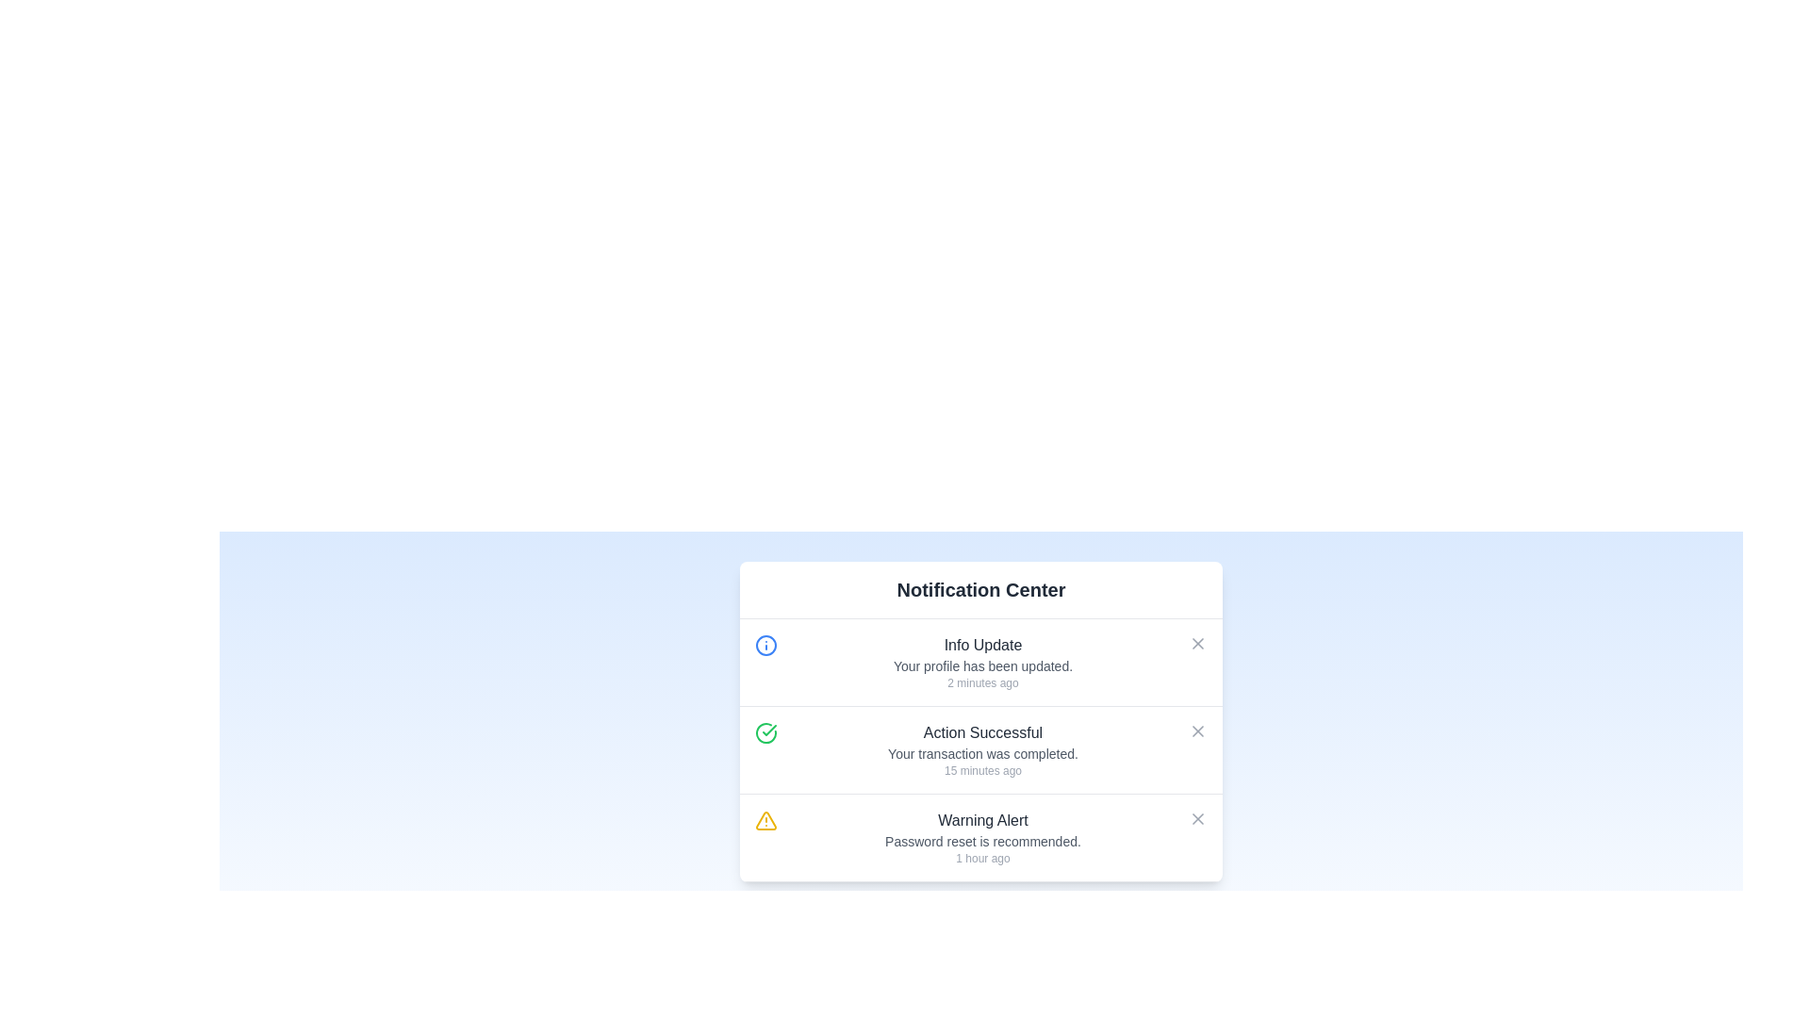 The width and height of the screenshot is (1810, 1018). What do you see at coordinates (981, 645) in the screenshot?
I see `the static text label 'Info Update' which is styled with a medium-weight font and dark gray color, located at the top of the first notification item in the notification list` at bounding box center [981, 645].